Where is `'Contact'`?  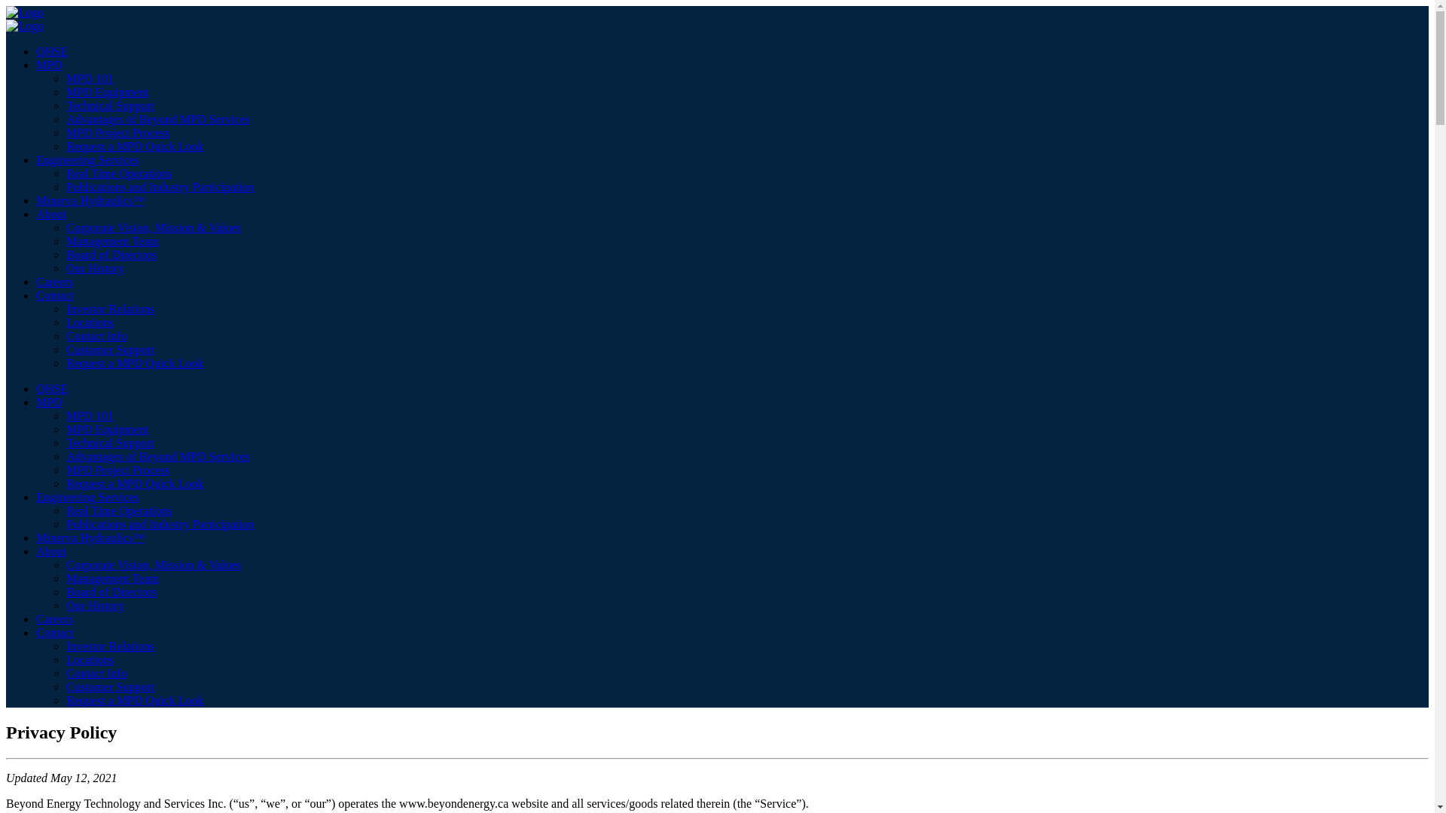 'Contact' is located at coordinates (54, 632).